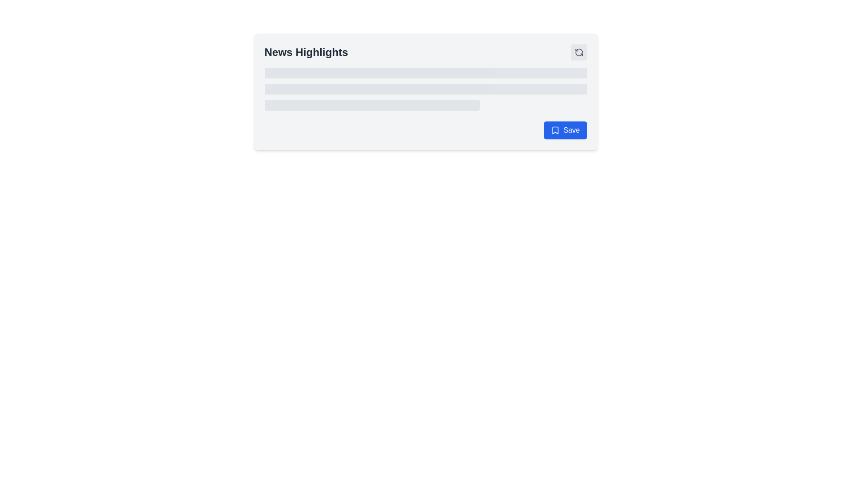  What do you see at coordinates (425, 89) in the screenshot?
I see `the visual placeholder that serves as a content loading indicator, located below the 'News Highlights' title and above the 'Save' button` at bounding box center [425, 89].